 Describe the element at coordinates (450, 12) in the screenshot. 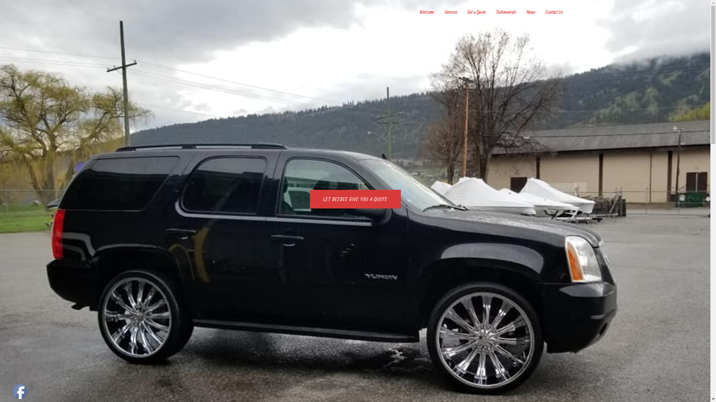

I see `'Services'` at that location.